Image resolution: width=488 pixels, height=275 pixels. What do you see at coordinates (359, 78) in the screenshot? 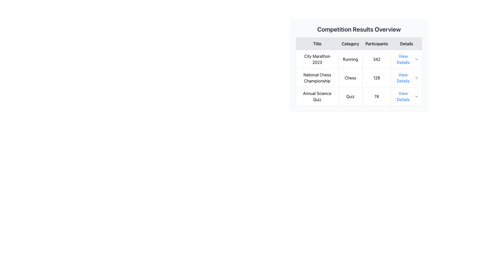
I see `the second row of the event table, which displays titles, categories, participant counts, and detail links, to interact with the event's information` at bounding box center [359, 78].